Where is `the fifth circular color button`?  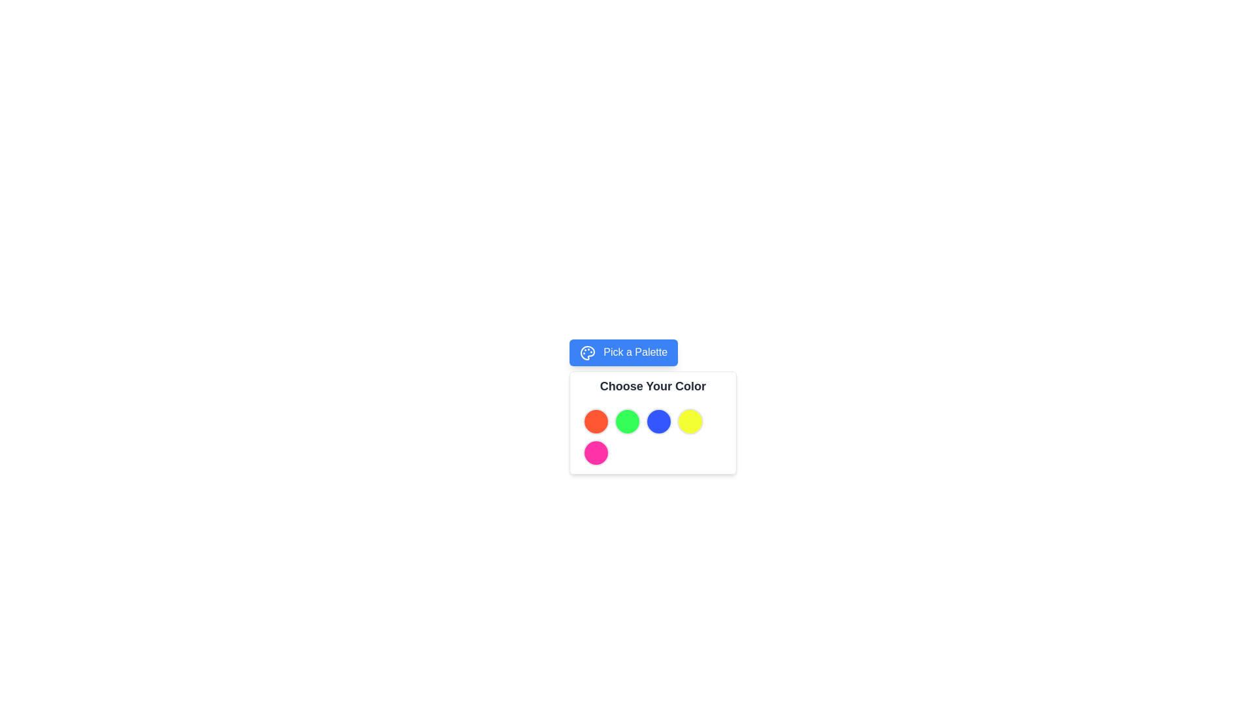 the fifth circular color button is located at coordinates (595, 452).